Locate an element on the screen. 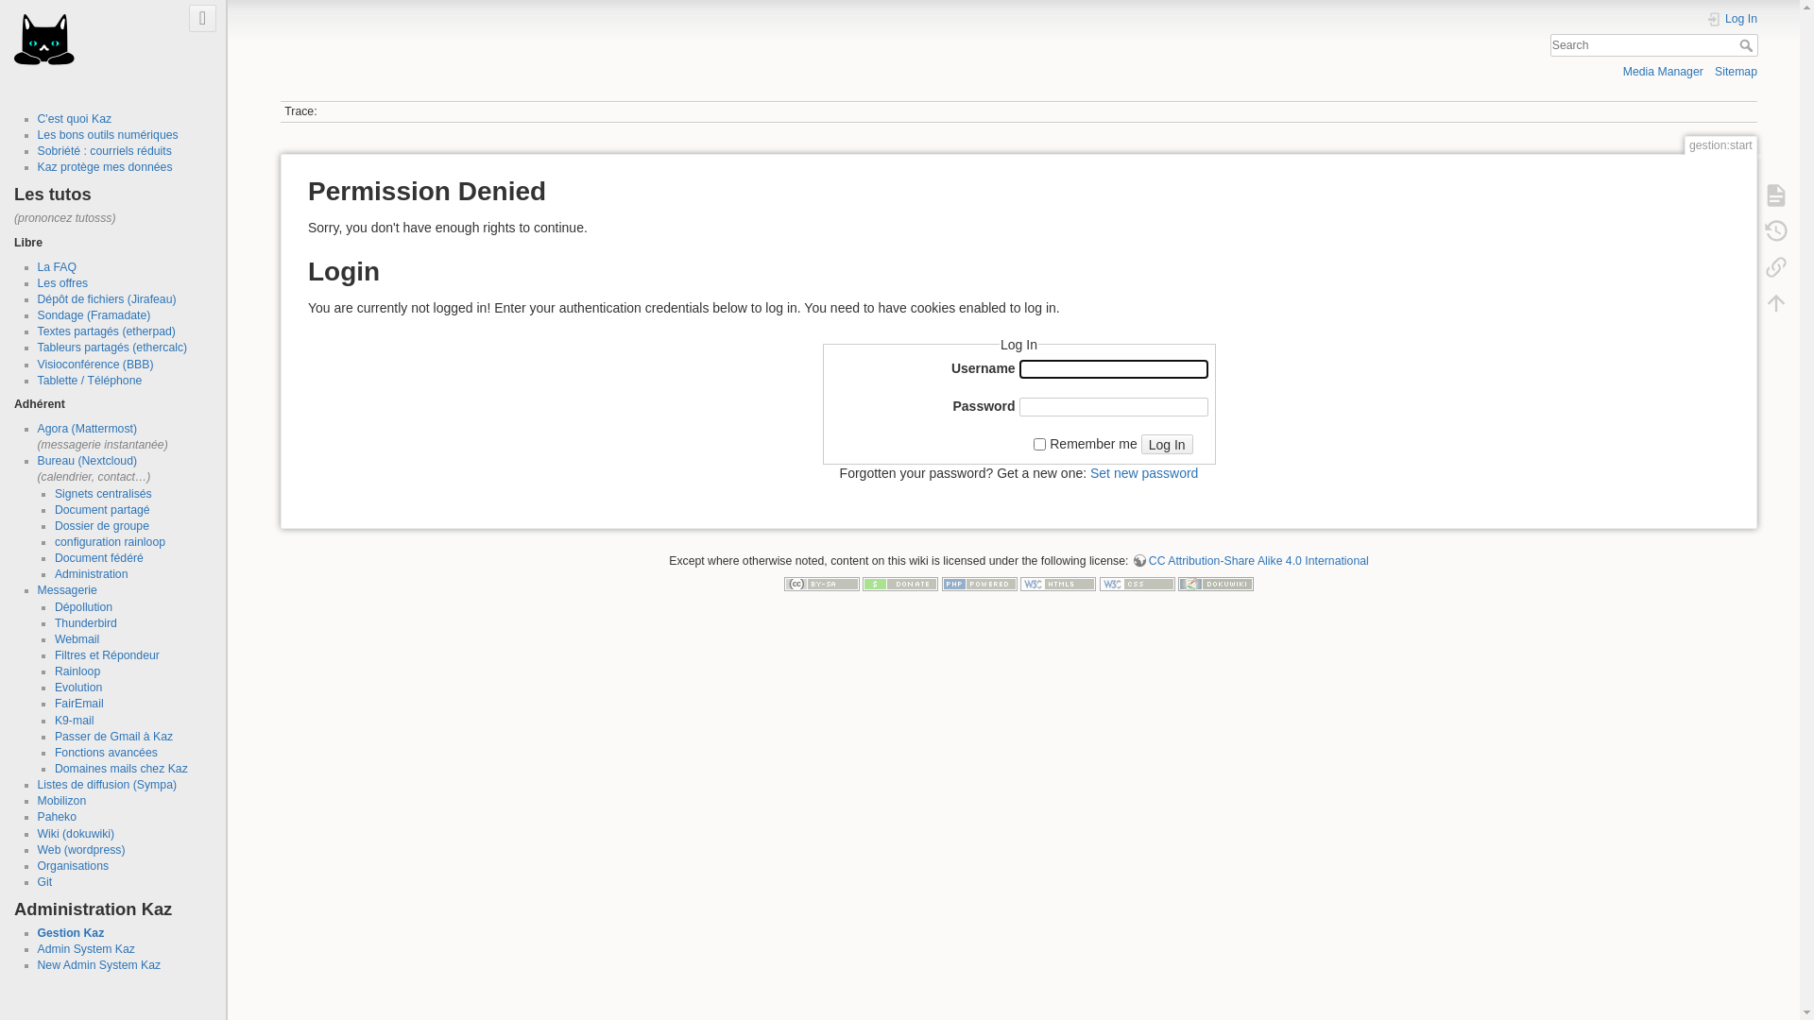  'Sondage (Framadate)' is located at coordinates (94, 314).